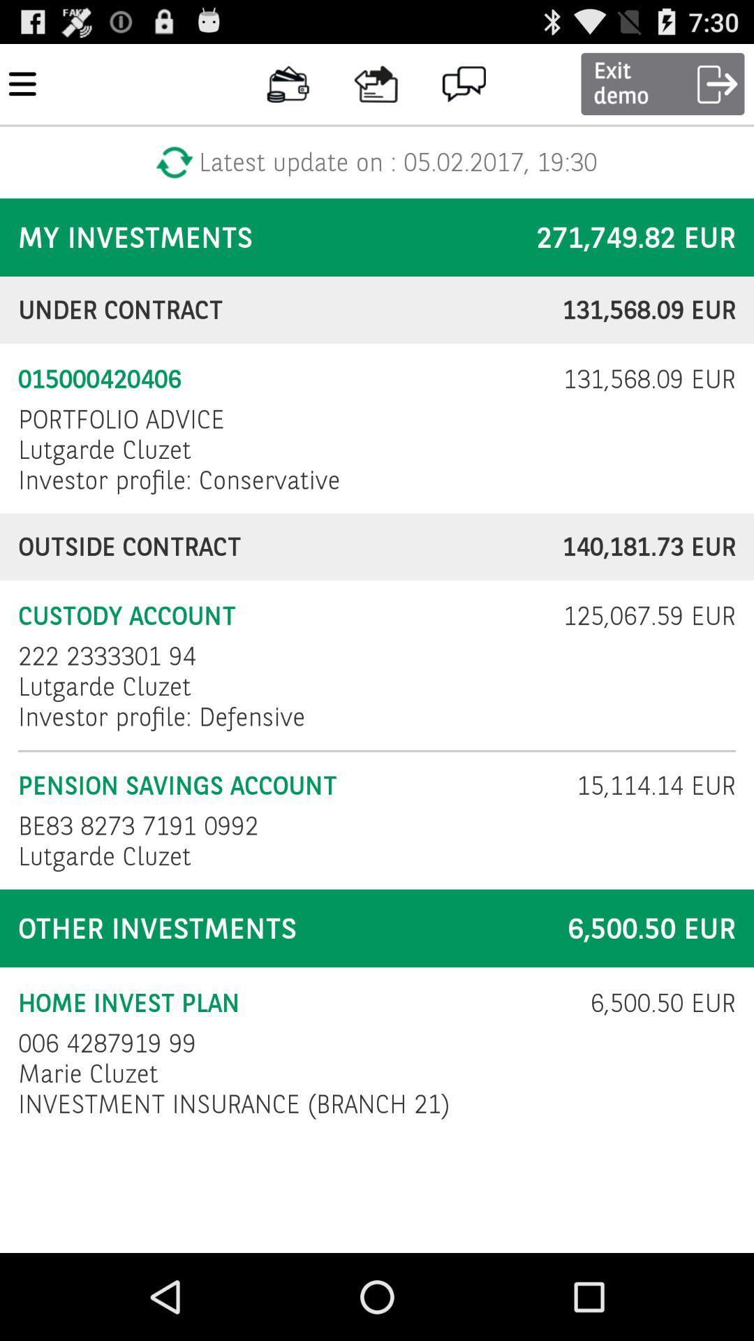  What do you see at coordinates (646, 785) in the screenshot?
I see `the 15 114 14 item` at bounding box center [646, 785].